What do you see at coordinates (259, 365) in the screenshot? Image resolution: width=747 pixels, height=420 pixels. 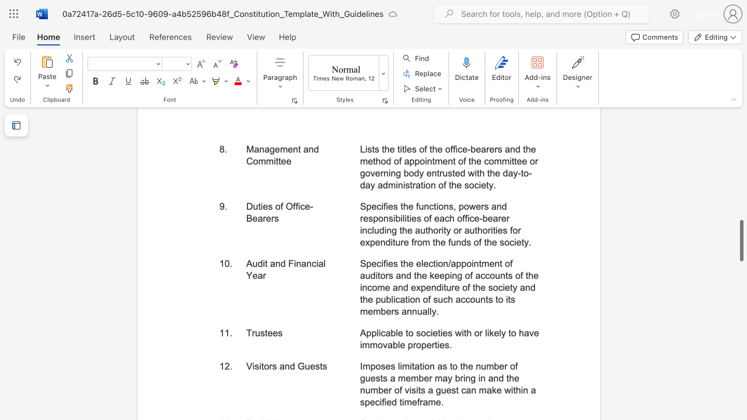 I see `the subset text "itors and Gue" within the text "Visitors and Guests"` at bounding box center [259, 365].